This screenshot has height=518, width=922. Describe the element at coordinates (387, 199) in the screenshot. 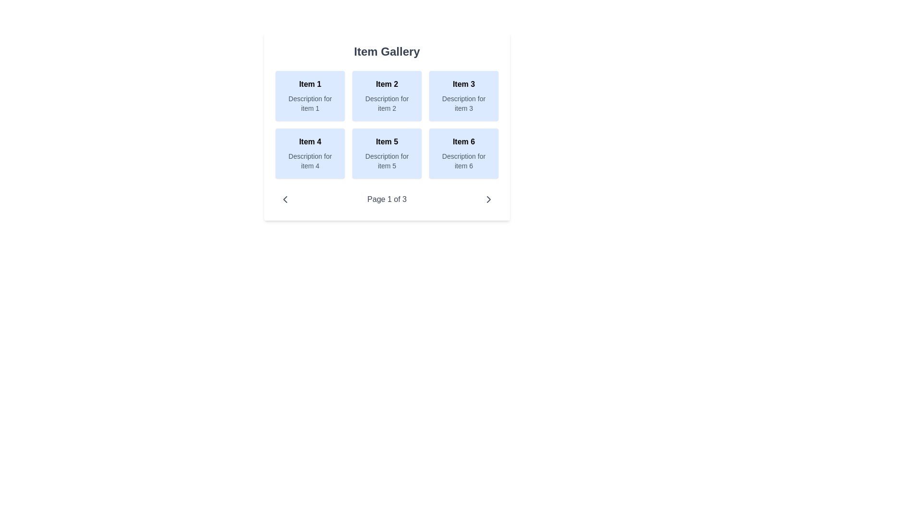

I see `text displayed on the pagination control label indicating the current page number and total number of pages, located at the bottom of the card layout centered horizontally` at that location.